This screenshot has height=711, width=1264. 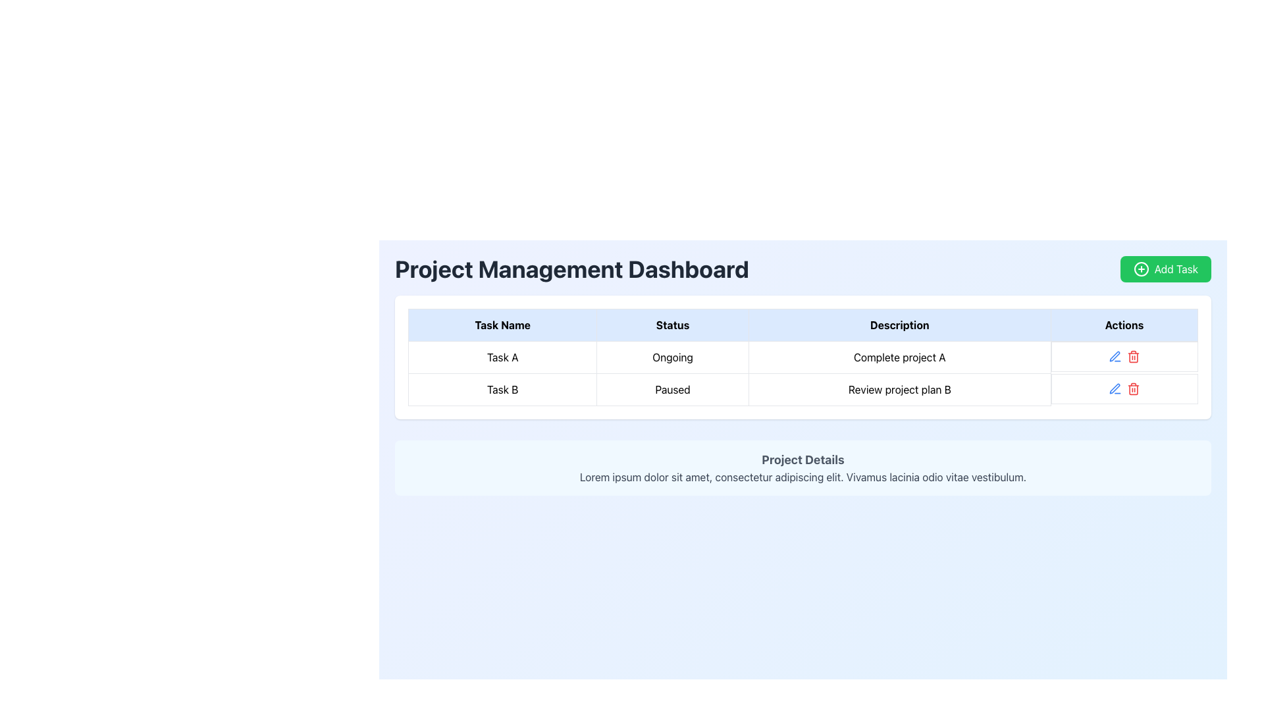 I want to click on the rectangular text block displaying 'Paused' in the 'Status' column of the second row, corresponding to 'Task B', so click(x=673, y=388).